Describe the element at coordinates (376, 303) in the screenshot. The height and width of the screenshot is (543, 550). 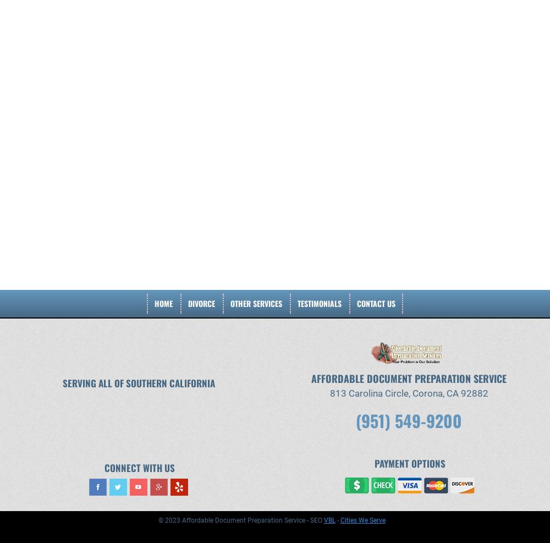
I see `'Contact Us'` at that location.